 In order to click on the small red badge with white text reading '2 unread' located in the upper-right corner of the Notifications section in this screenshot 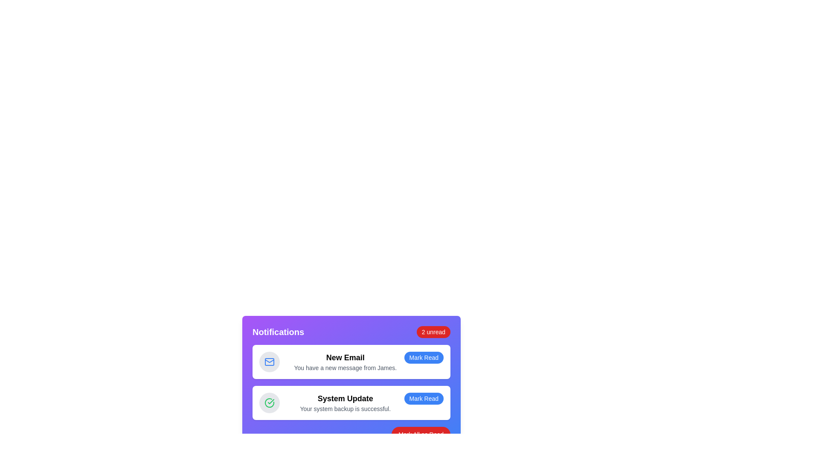, I will do `click(433, 332)`.